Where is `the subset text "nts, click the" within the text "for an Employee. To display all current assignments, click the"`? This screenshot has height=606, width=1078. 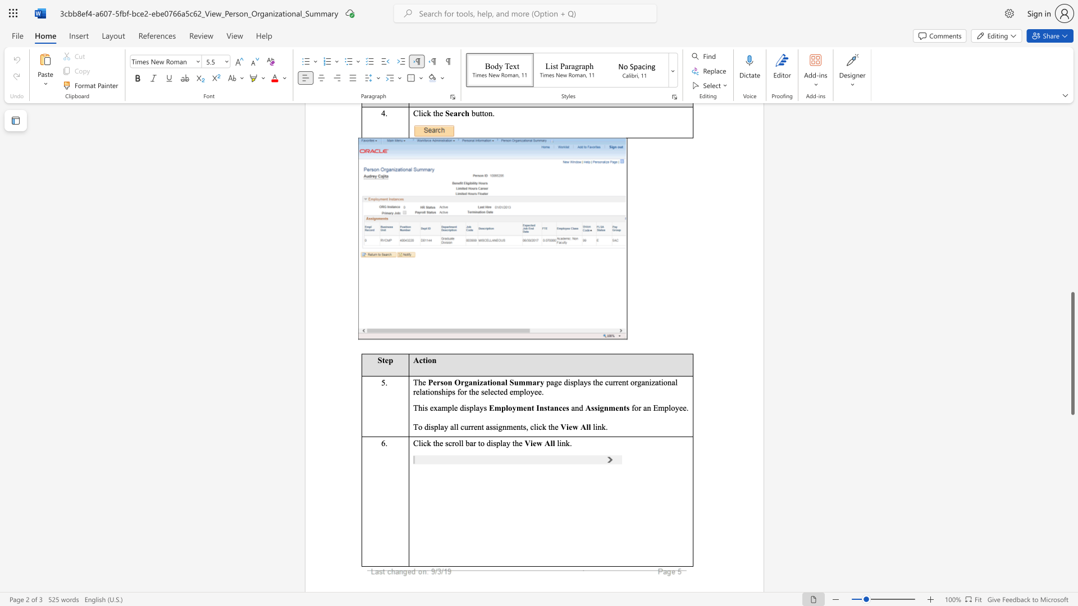 the subset text "nts, click the" within the text "for an Employee. To display all current assignments, click the" is located at coordinates (516, 426).